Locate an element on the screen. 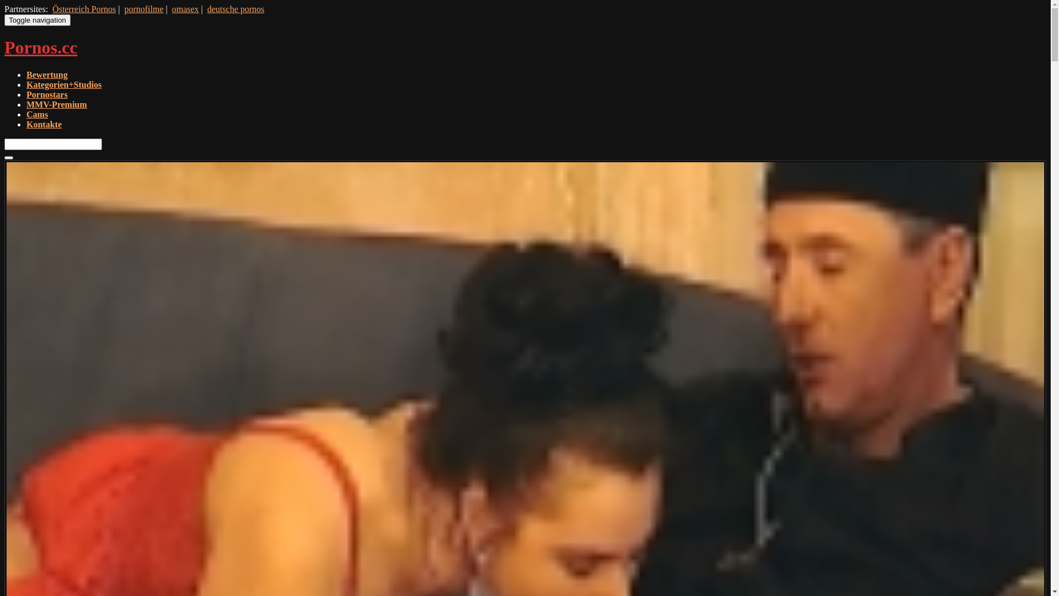  'Kategorien+Studios' is located at coordinates (63, 84).